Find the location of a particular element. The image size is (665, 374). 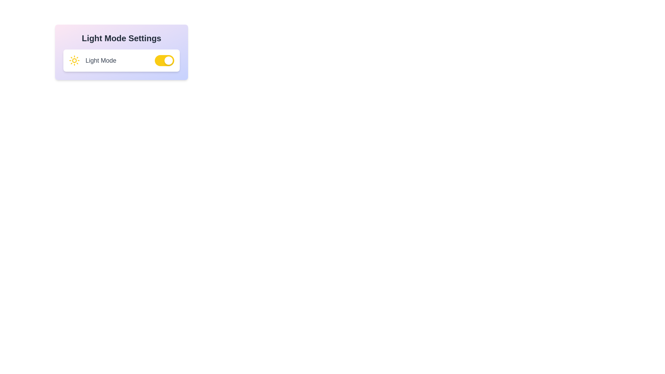

the center of the text 'Light Mode Settings' to highlight it is located at coordinates (121, 38).